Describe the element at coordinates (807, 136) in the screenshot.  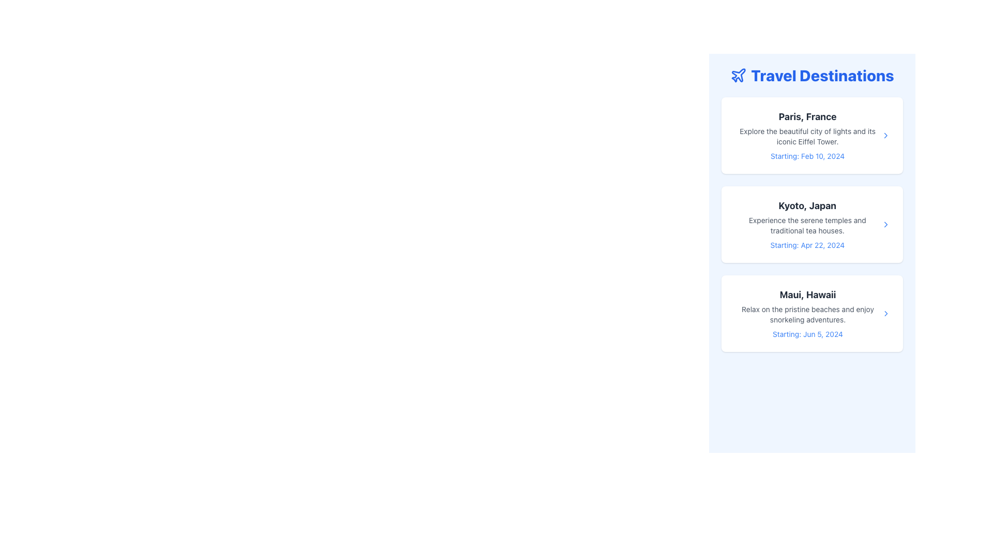
I see `the textual component that describes the travel destination in Paris, France, which reads: 'Explore the beautiful city of lights and its iconic Eiffel Tower.'` at that location.